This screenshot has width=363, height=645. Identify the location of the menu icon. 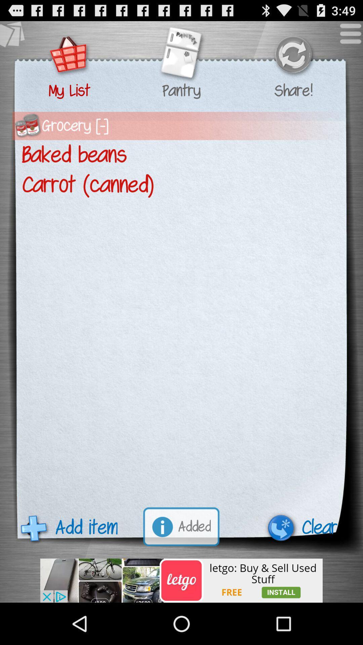
(347, 39).